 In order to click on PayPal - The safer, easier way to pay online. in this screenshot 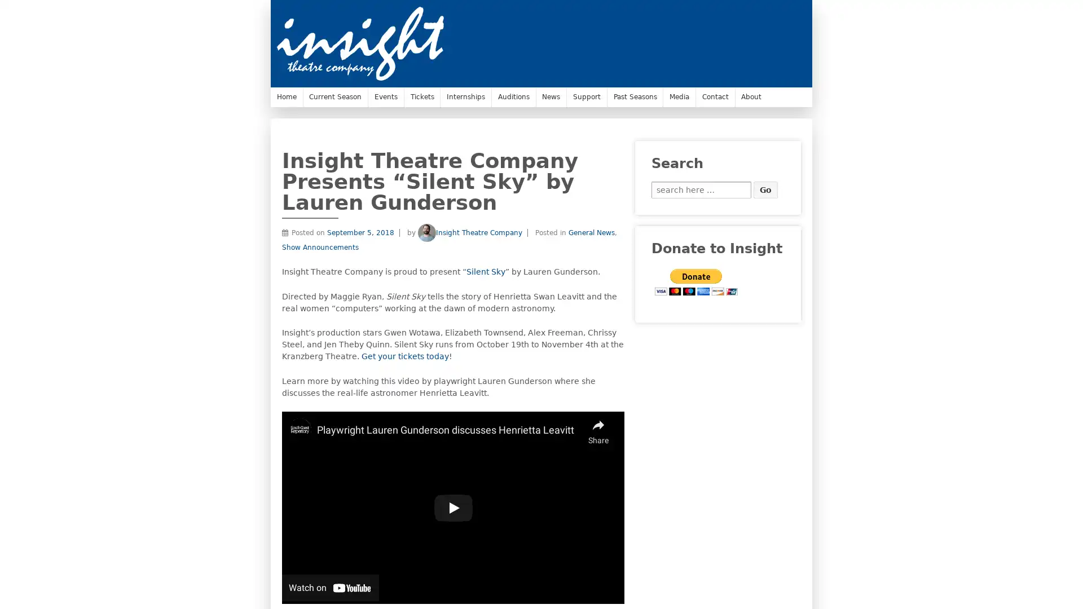, I will do `click(695, 281)`.